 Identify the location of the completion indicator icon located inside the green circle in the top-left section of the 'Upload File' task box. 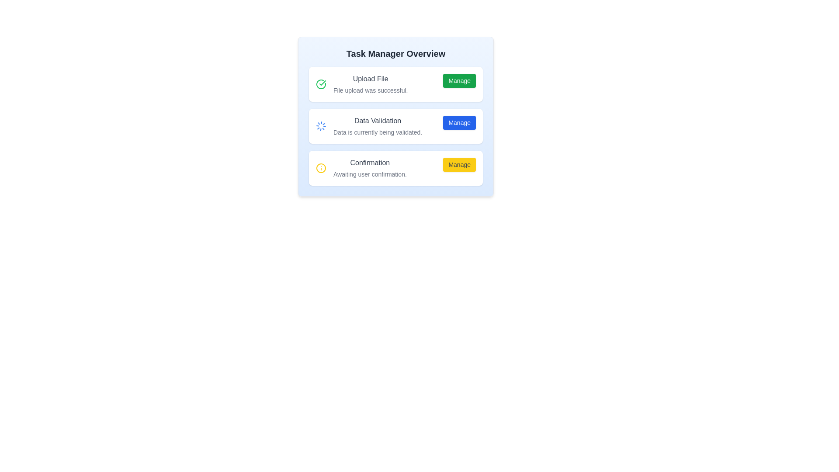
(322, 83).